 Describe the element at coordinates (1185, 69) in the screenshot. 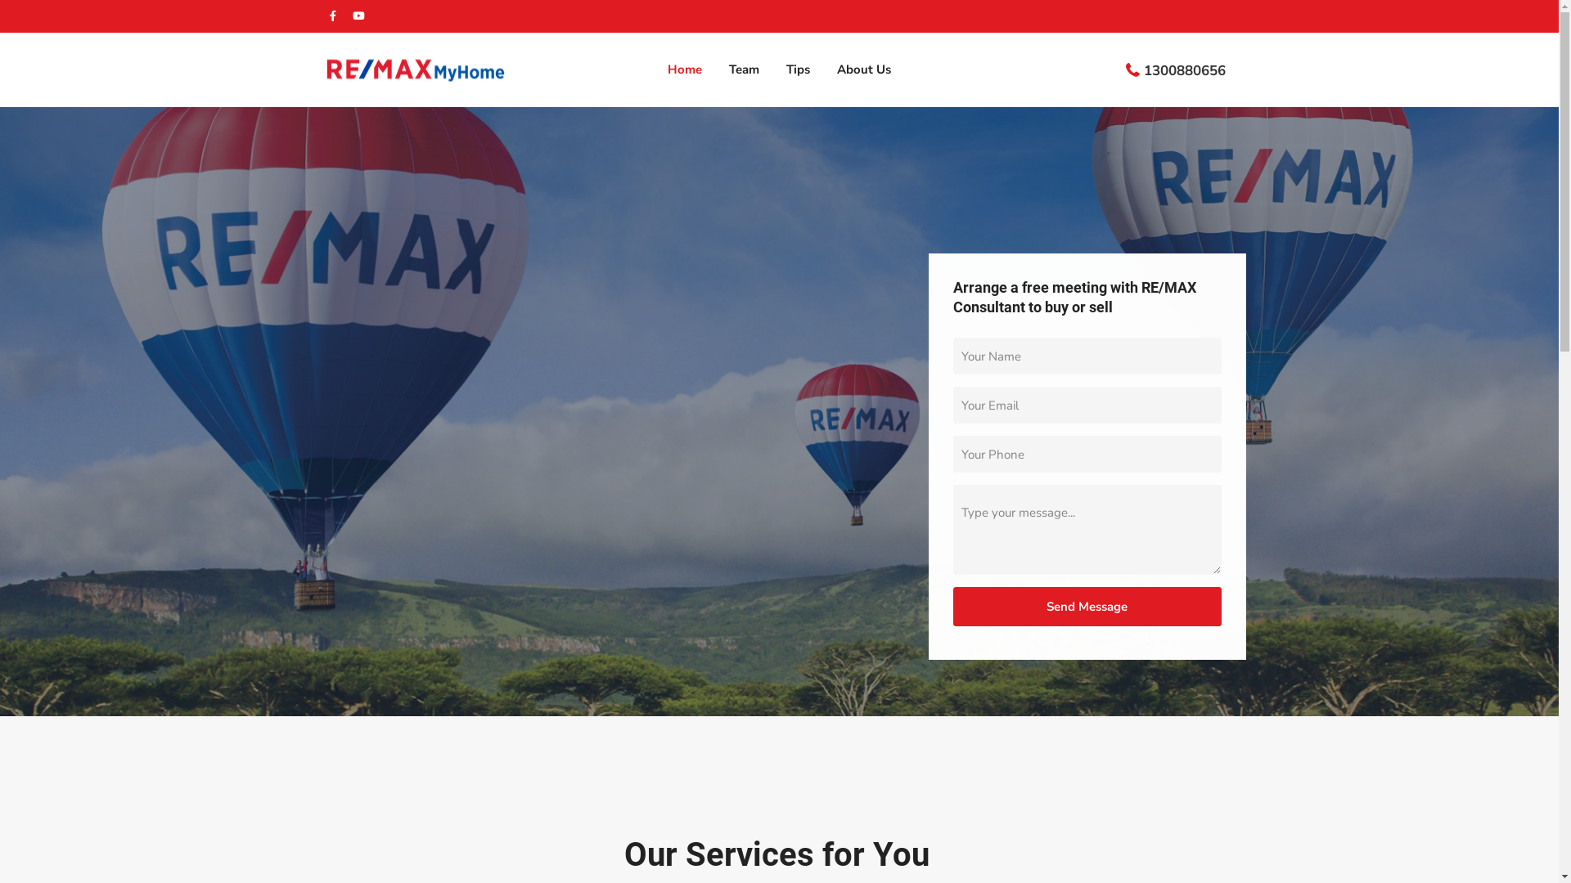

I see `'1300880656'` at that location.